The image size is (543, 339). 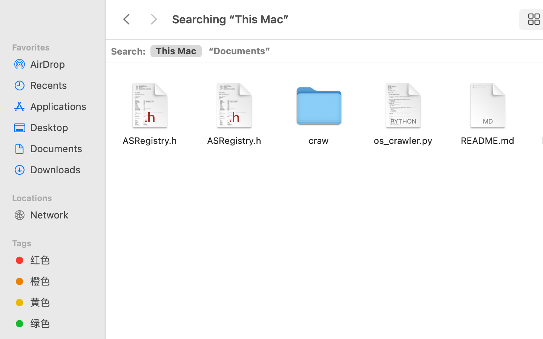 What do you see at coordinates (60, 127) in the screenshot?
I see `'Desktop'` at bounding box center [60, 127].